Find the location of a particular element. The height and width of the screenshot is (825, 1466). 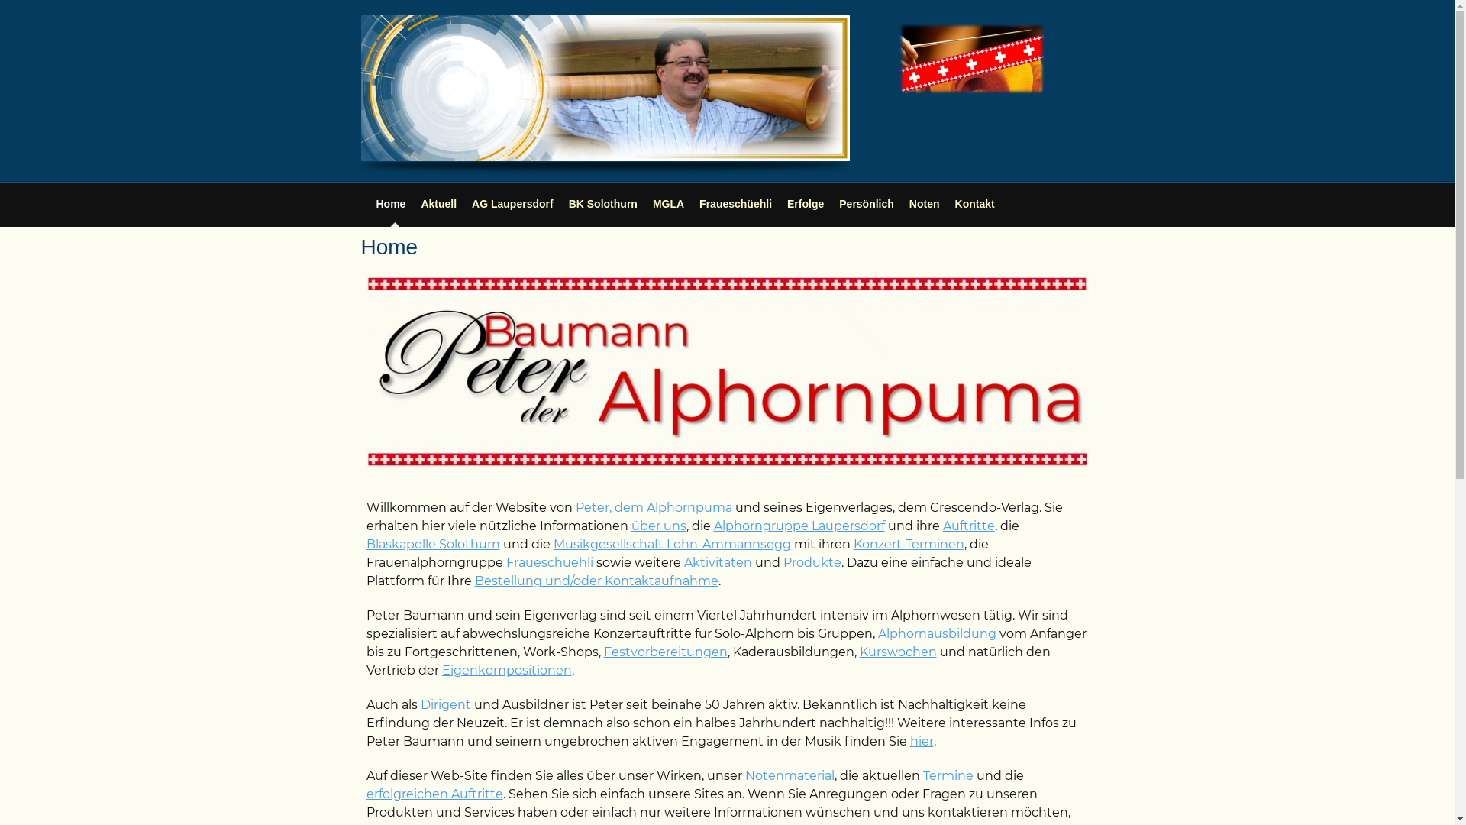

'Festvorbereitungen' is located at coordinates (664, 652).